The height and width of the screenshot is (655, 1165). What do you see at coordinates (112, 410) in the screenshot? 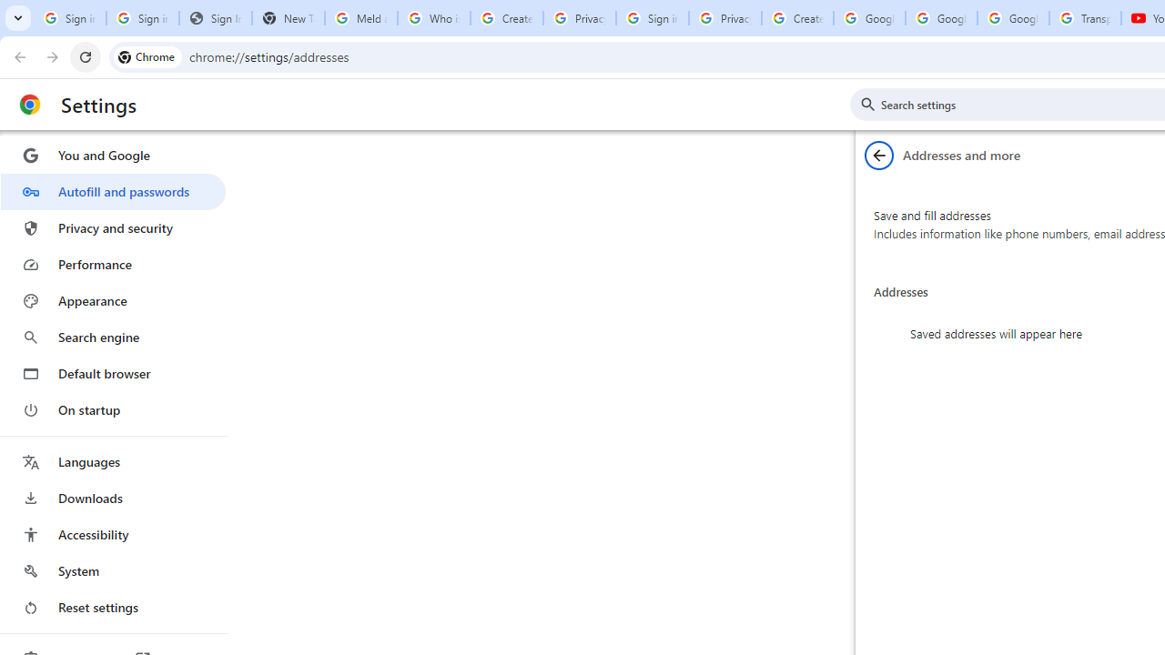
I see `'On startup'` at bounding box center [112, 410].